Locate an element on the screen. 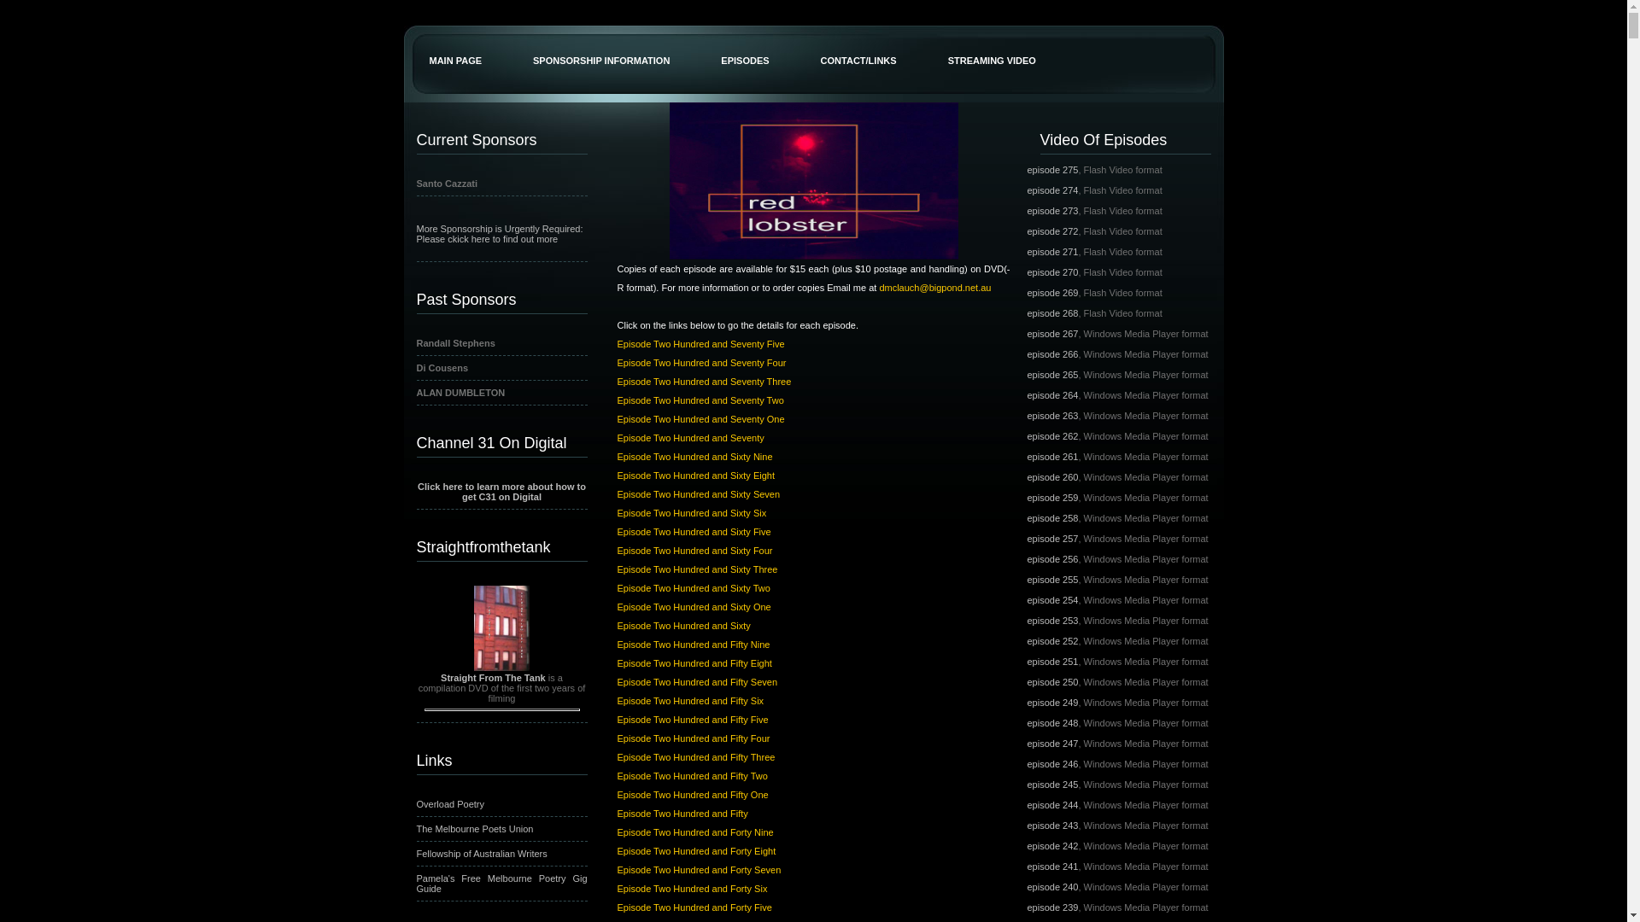 The image size is (1640, 922). 'episode 256' is located at coordinates (1051, 559).